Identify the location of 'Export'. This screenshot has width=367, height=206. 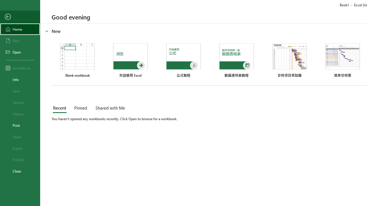
(20, 148).